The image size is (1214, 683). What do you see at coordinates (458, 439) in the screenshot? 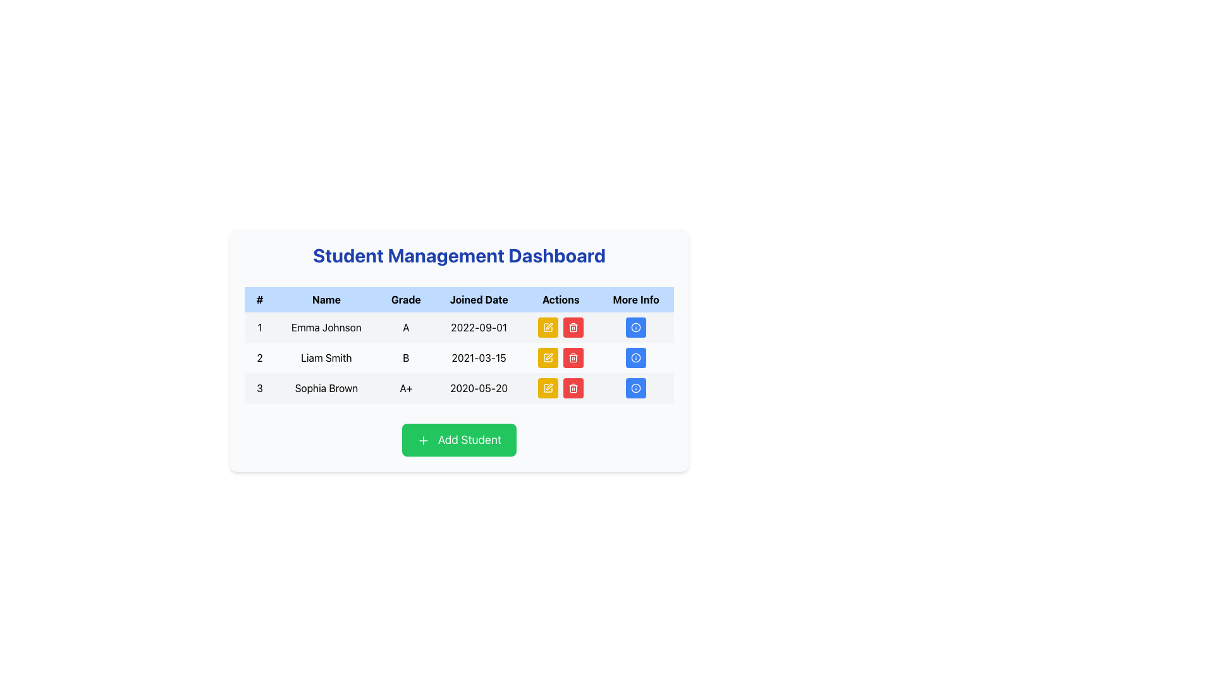
I see `the distinct button located centrally beneath the student information table` at bounding box center [458, 439].